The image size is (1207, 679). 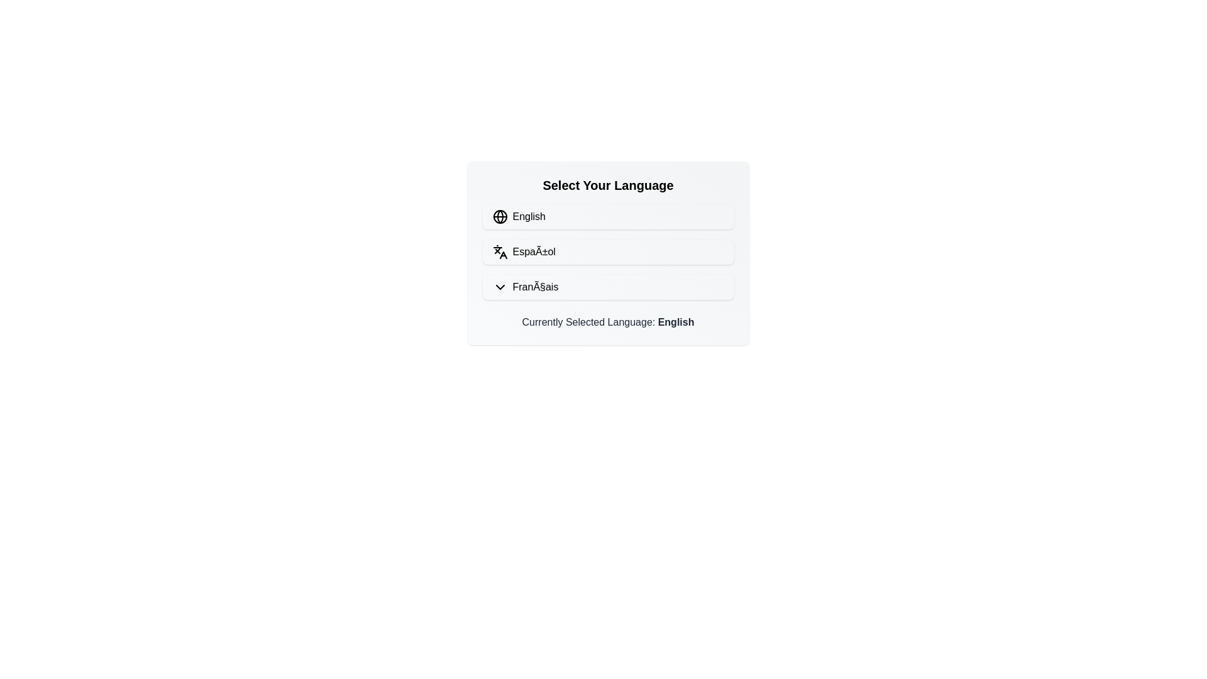 I want to click on the 'Español' button, so click(x=608, y=252).